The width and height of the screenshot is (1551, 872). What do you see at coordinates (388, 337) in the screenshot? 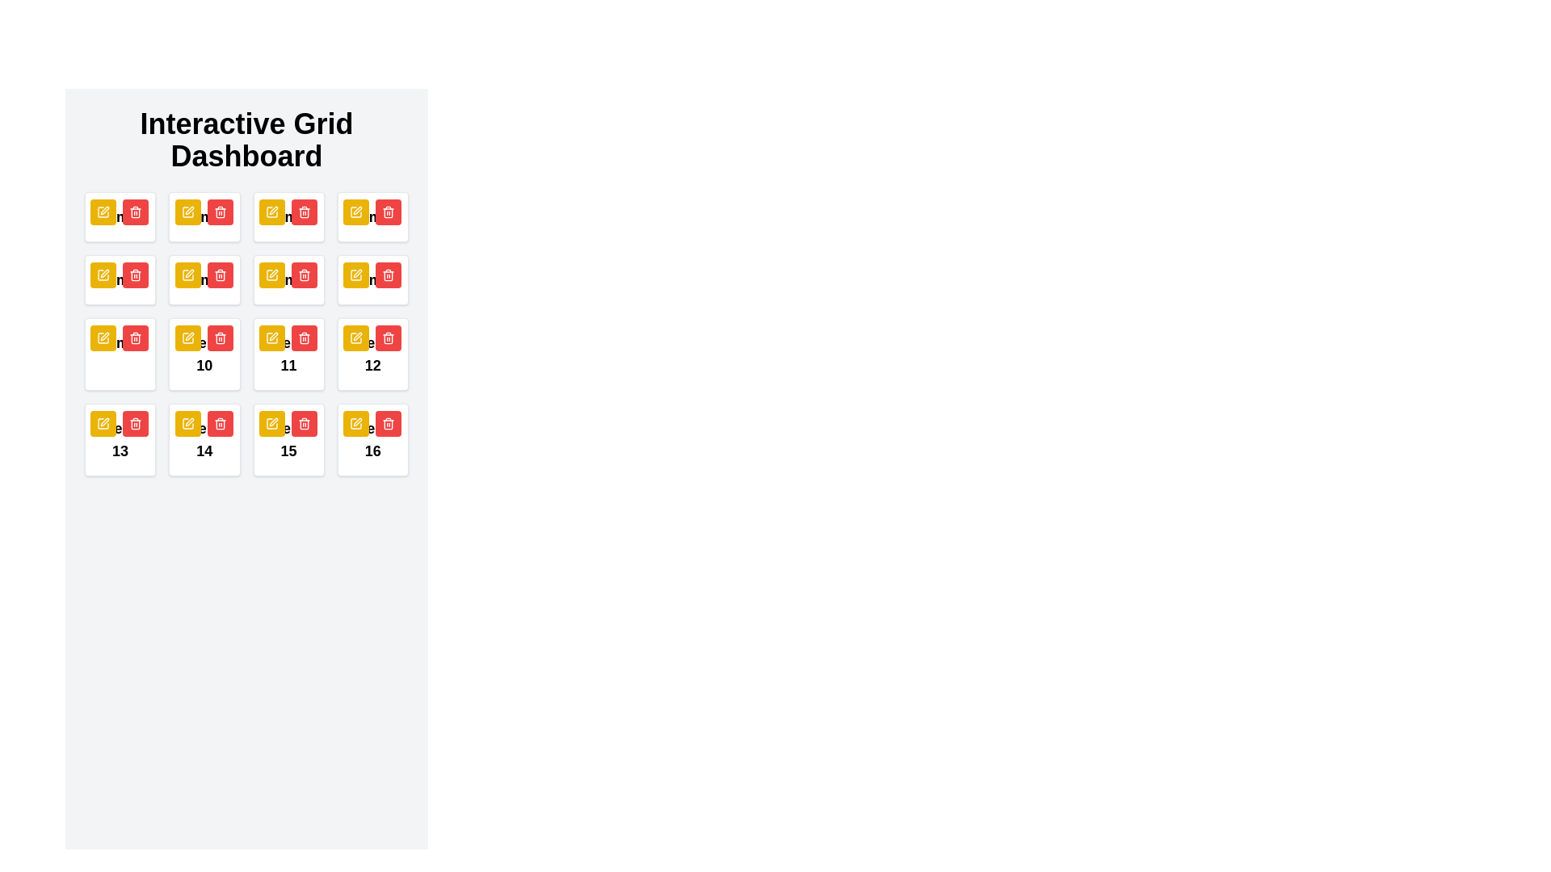
I see `the delete button with a trash can icon located in the top-right corner of the tile labeled '12'` at bounding box center [388, 337].